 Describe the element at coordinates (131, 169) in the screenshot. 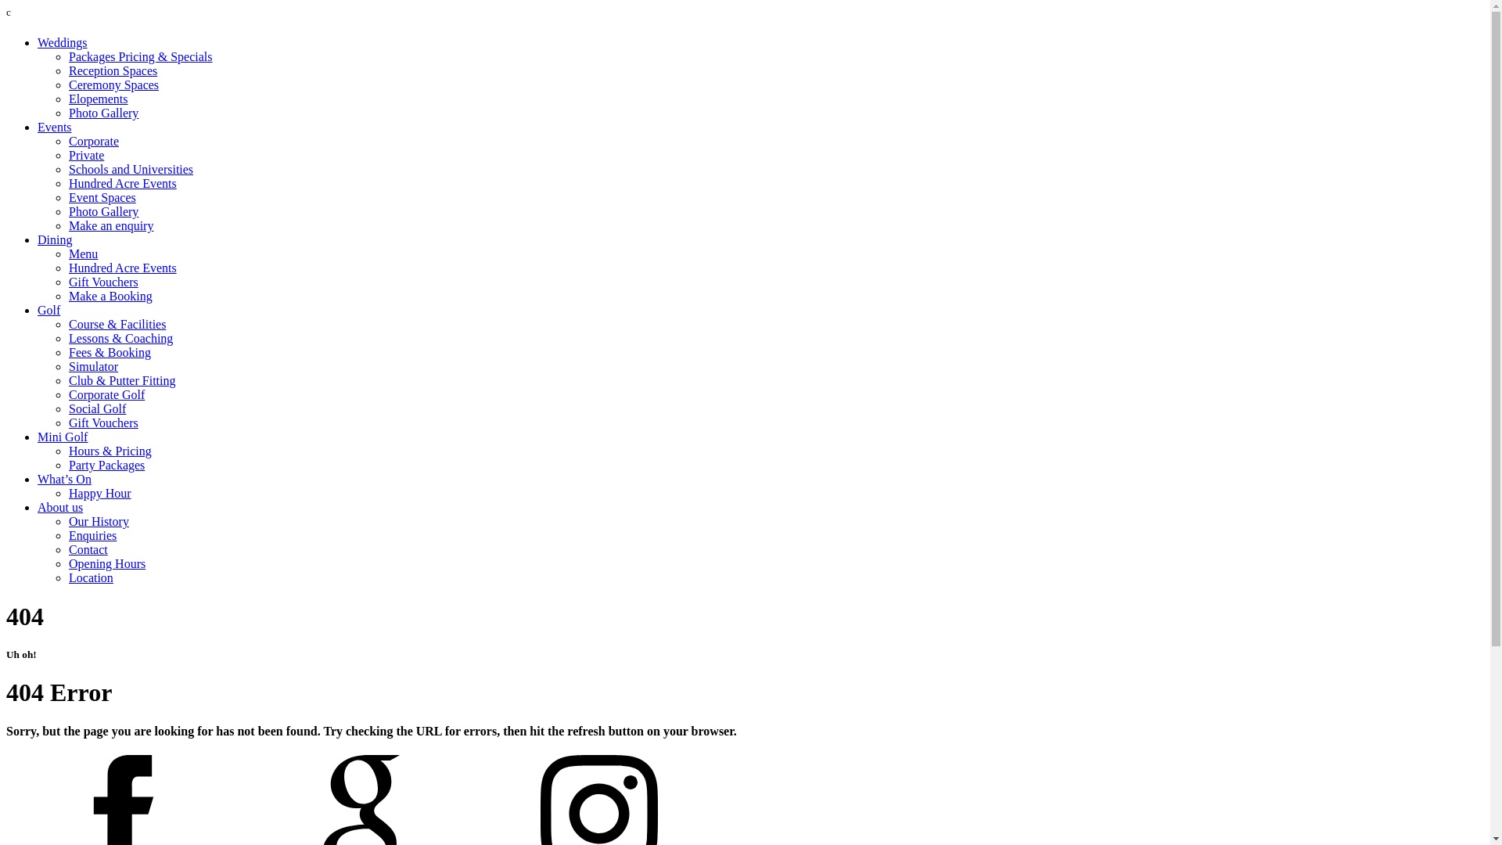

I see `'Schools and Universities'` at that location.